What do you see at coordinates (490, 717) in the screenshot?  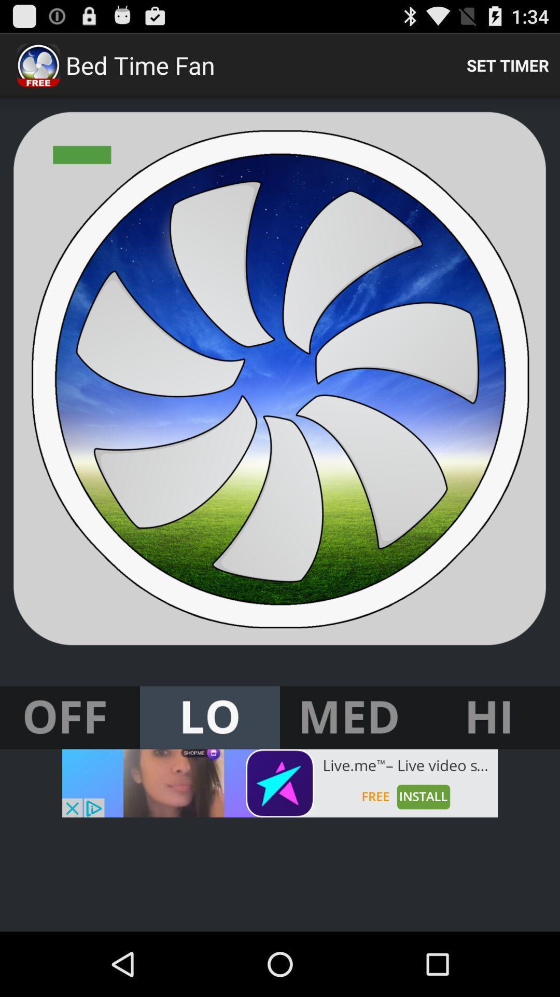 I see `high speed fan sound` at bounding box center [490, 717].